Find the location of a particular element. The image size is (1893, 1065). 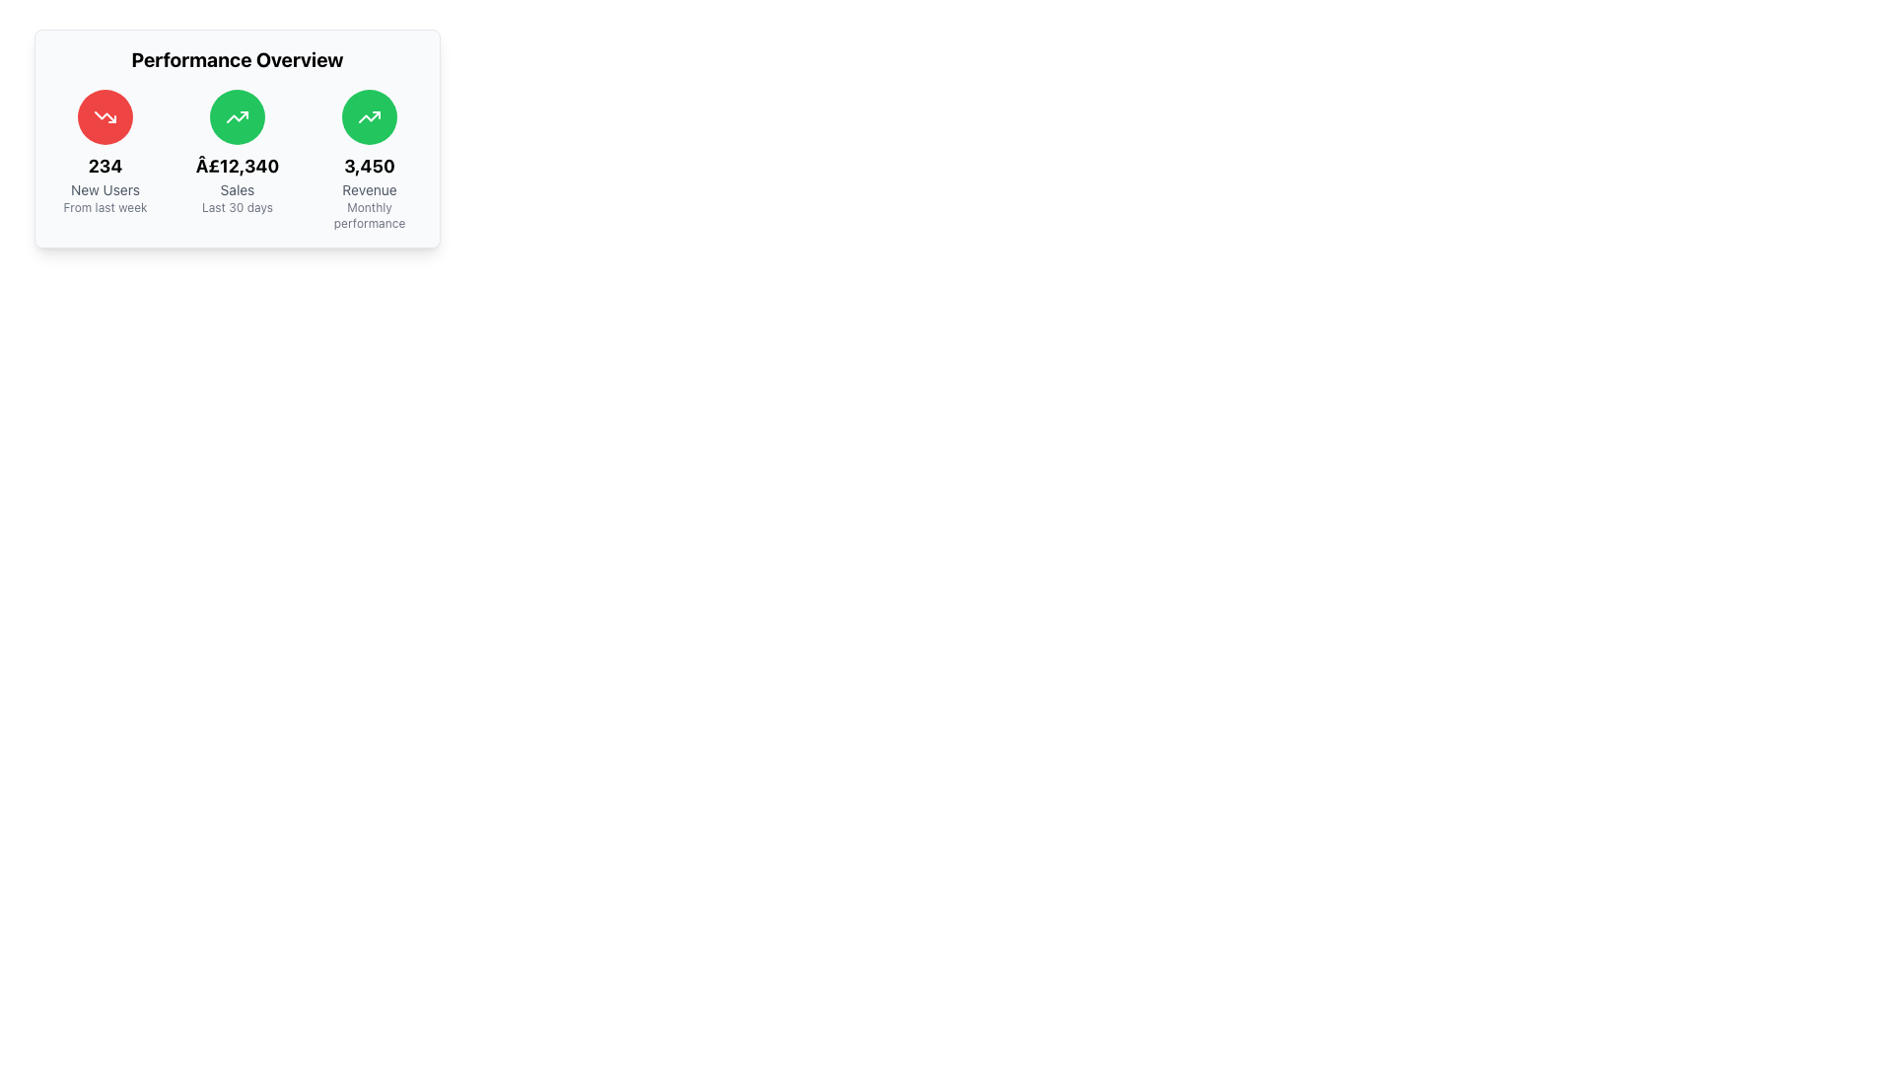

the text label containing the words 'New Users', which is styled in gray and positioned below the numeric value '234' and above 'From last week' is located at coordinates (104, 189).